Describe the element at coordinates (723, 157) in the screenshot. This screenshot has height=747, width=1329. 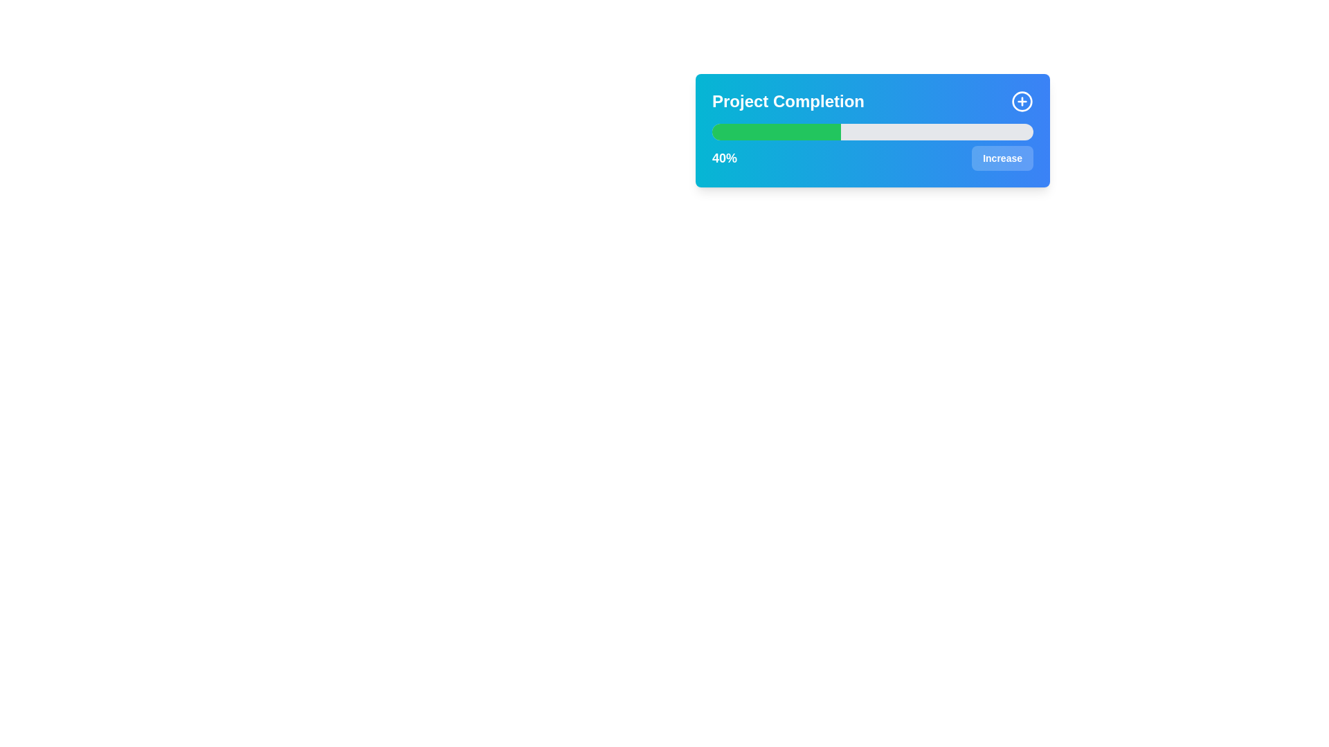
I see `current percentage value displayed in the Label on the left side of the 'Project Completion' card, preceding the 'Increase' button` at that location.